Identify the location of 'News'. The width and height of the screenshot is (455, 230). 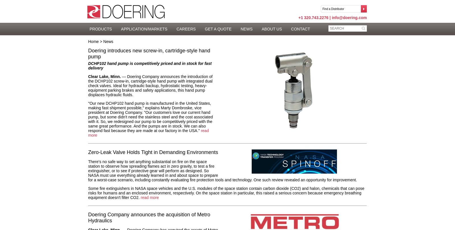
(108, 41).